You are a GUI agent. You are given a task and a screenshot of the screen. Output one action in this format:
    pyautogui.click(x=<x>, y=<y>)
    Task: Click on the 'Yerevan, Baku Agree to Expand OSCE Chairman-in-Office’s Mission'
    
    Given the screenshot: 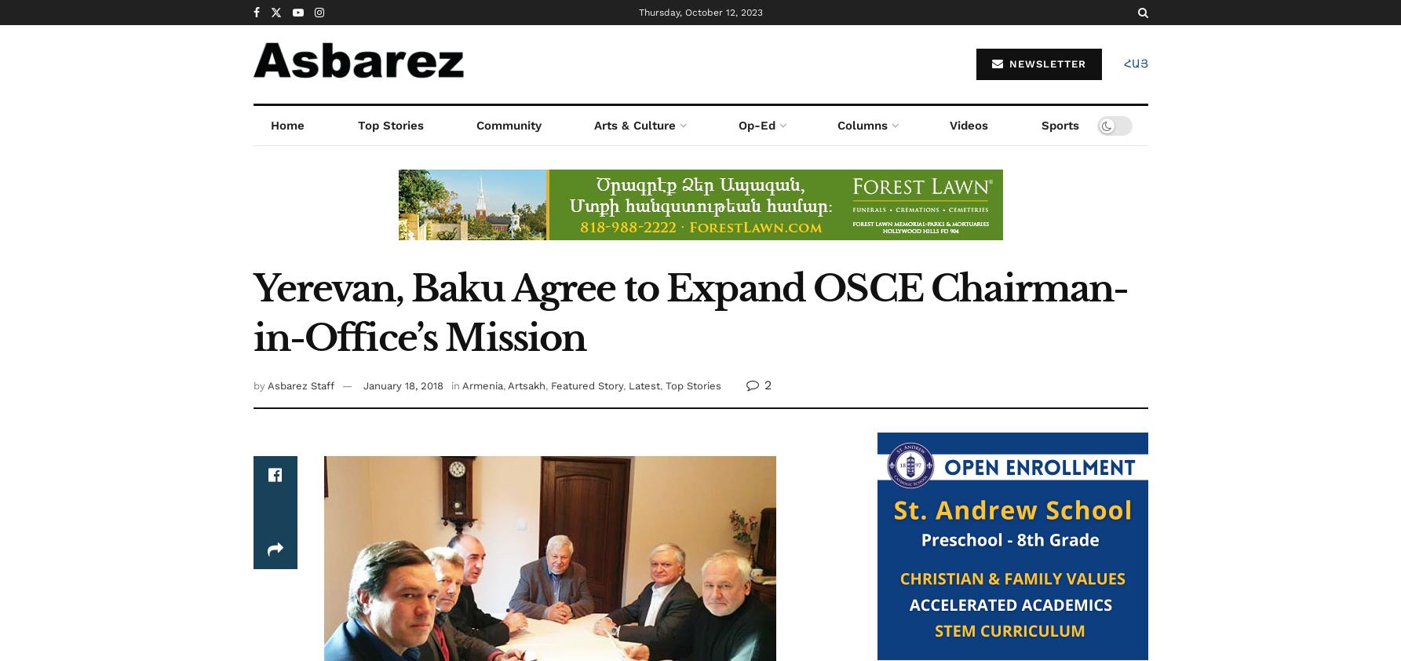 What is the action you would take?
    pyautogui.click(x=690, y=313)
    